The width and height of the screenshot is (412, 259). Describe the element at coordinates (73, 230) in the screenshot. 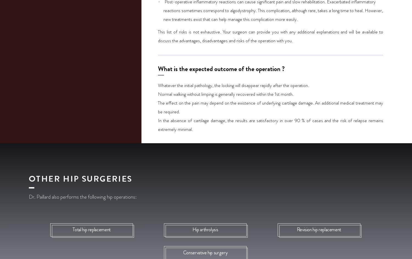

I see `'Total hip replacement'` at that location.